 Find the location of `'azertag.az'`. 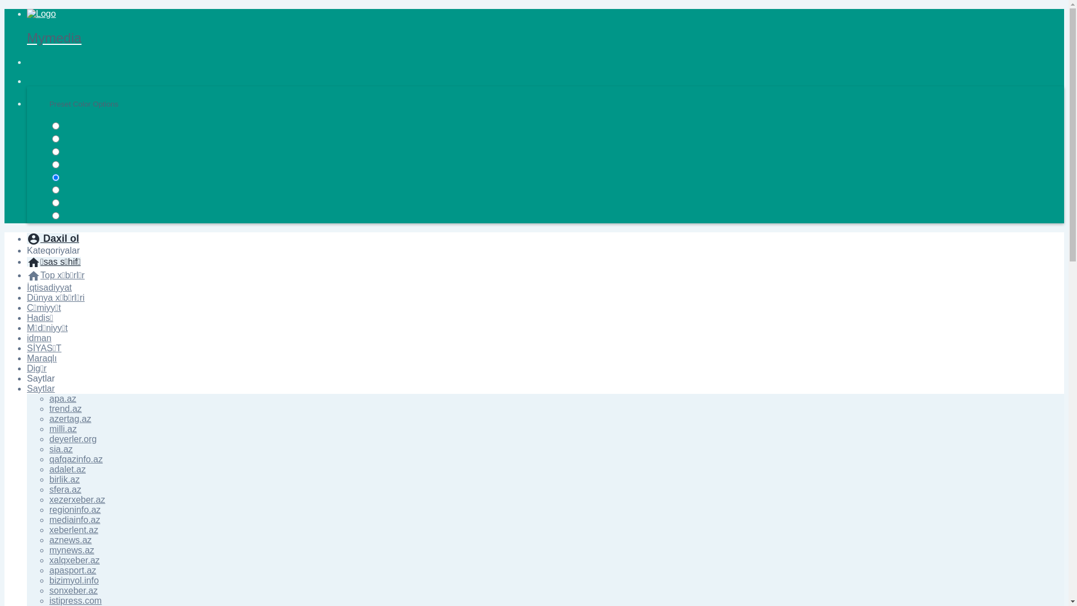

'azertag.az' is located at coordinates (70, 419).